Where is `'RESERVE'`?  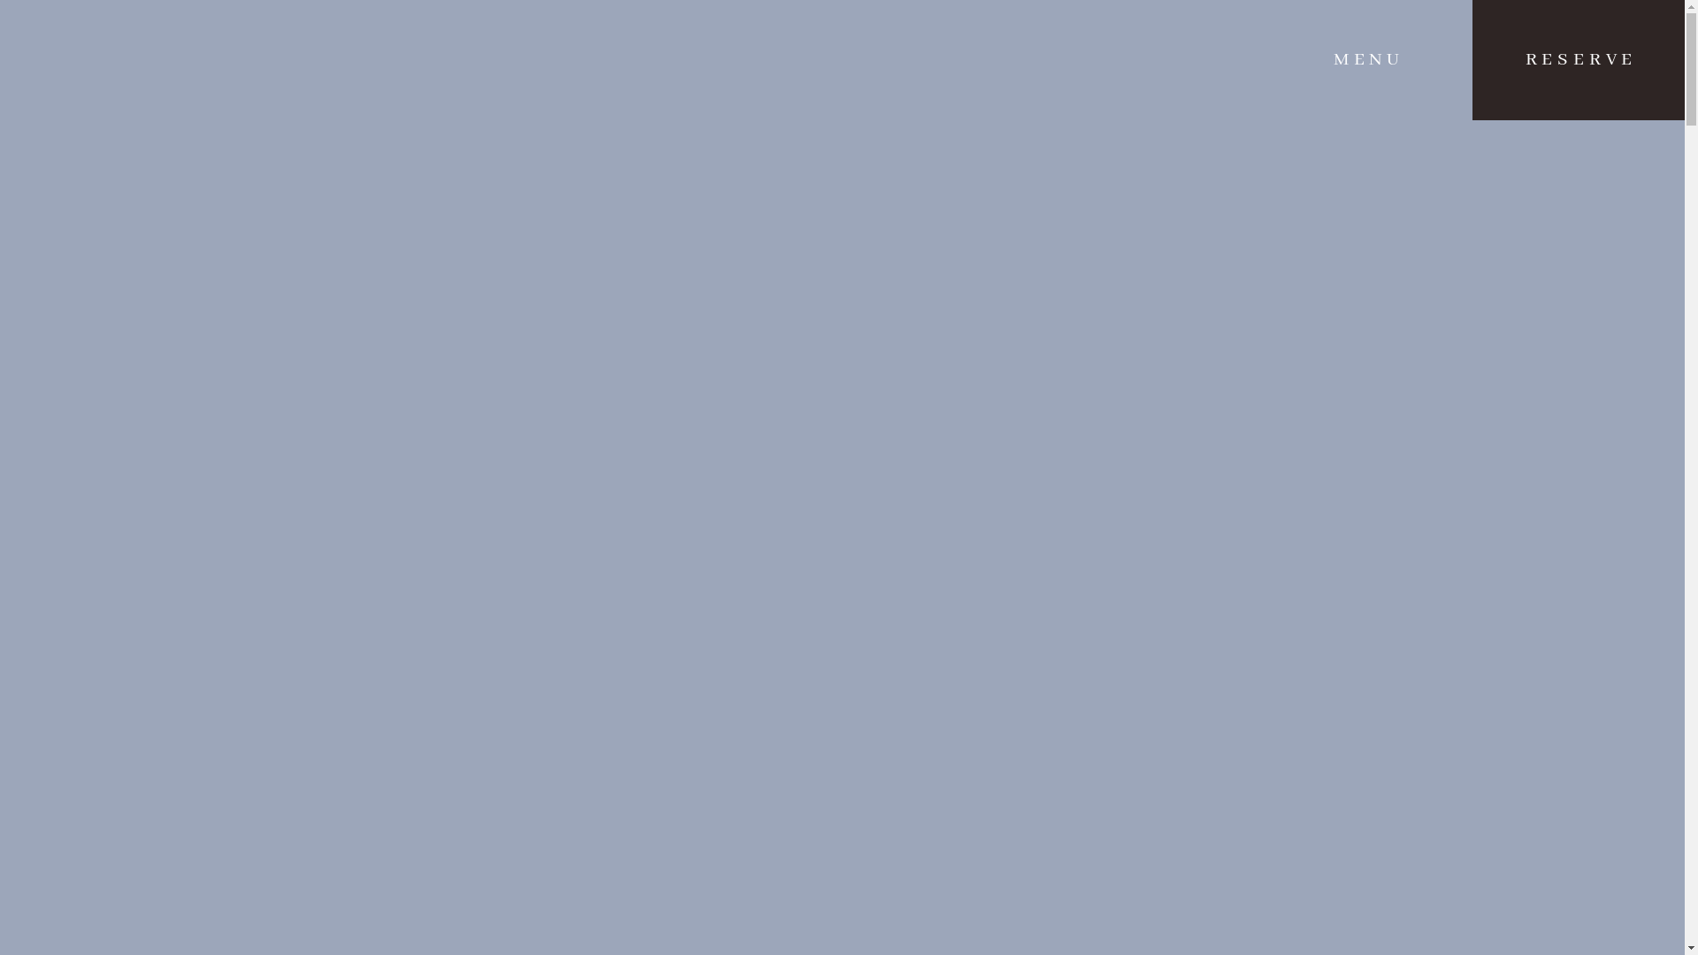
'RESERVE' is located at coordinates (1579, 59).